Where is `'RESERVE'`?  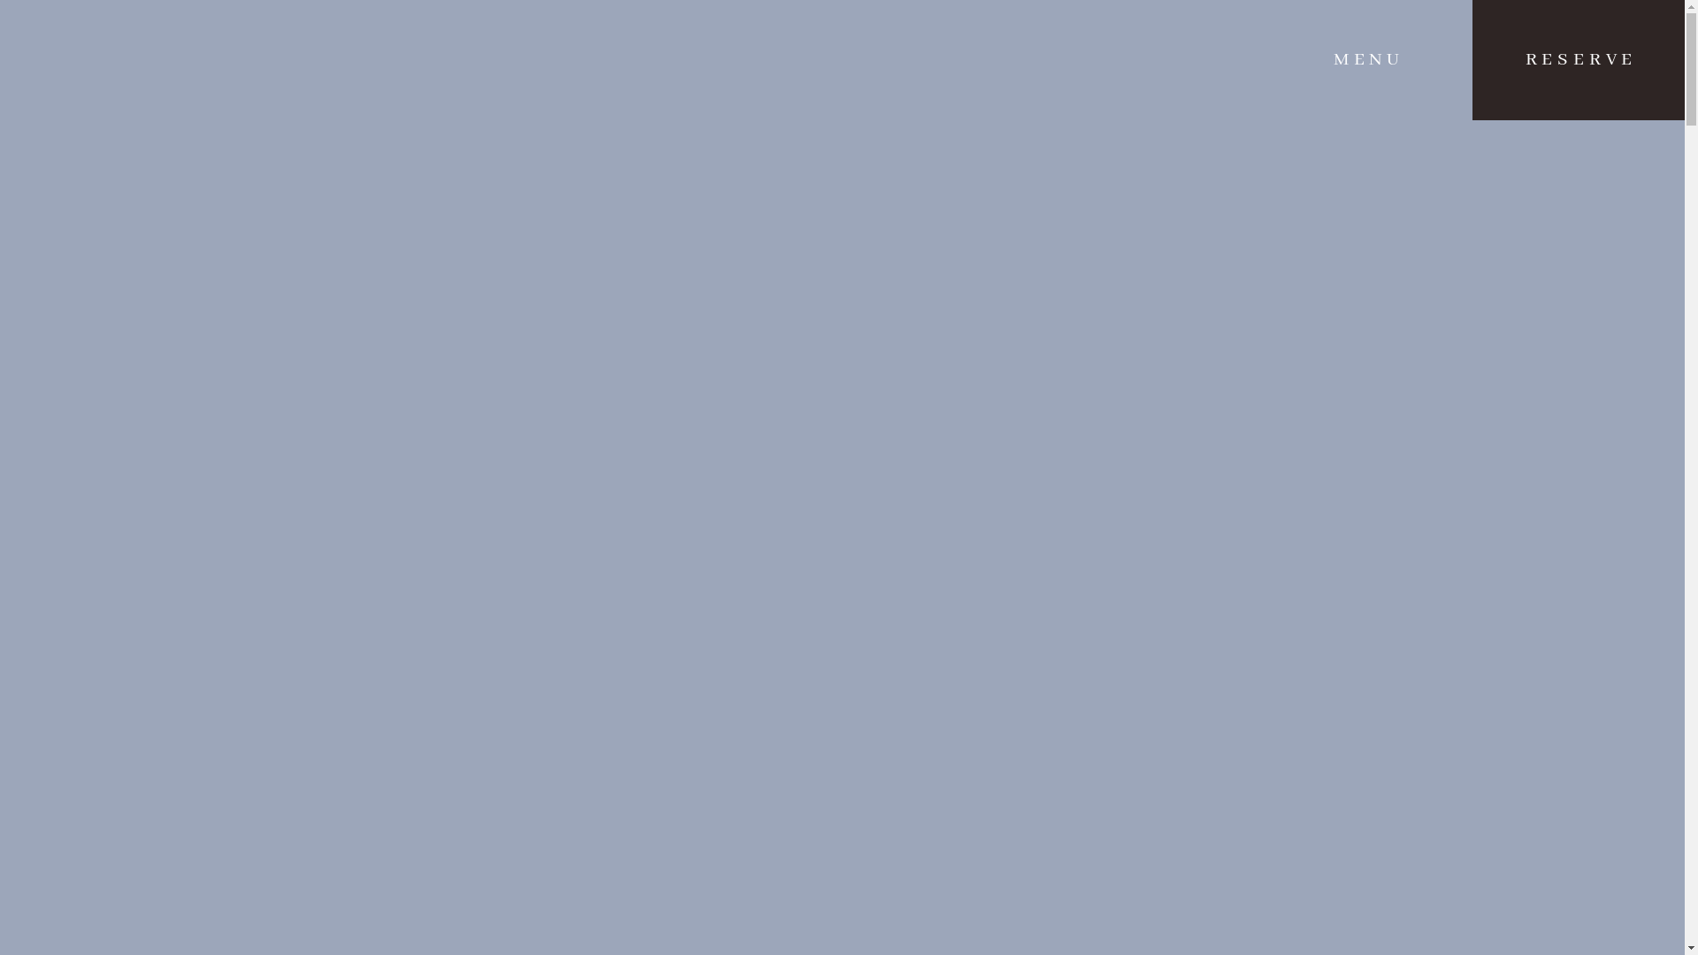
'RESERVE' is located at coordinates (1579, 59).